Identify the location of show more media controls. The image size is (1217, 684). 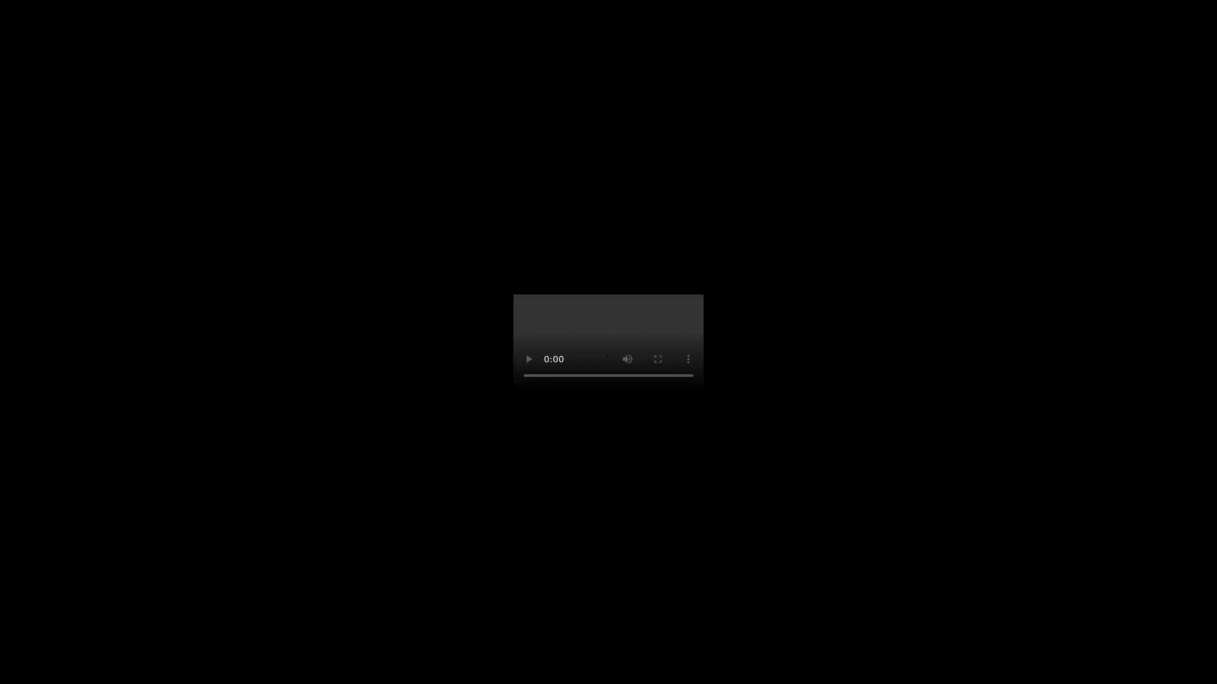
(687, 359).